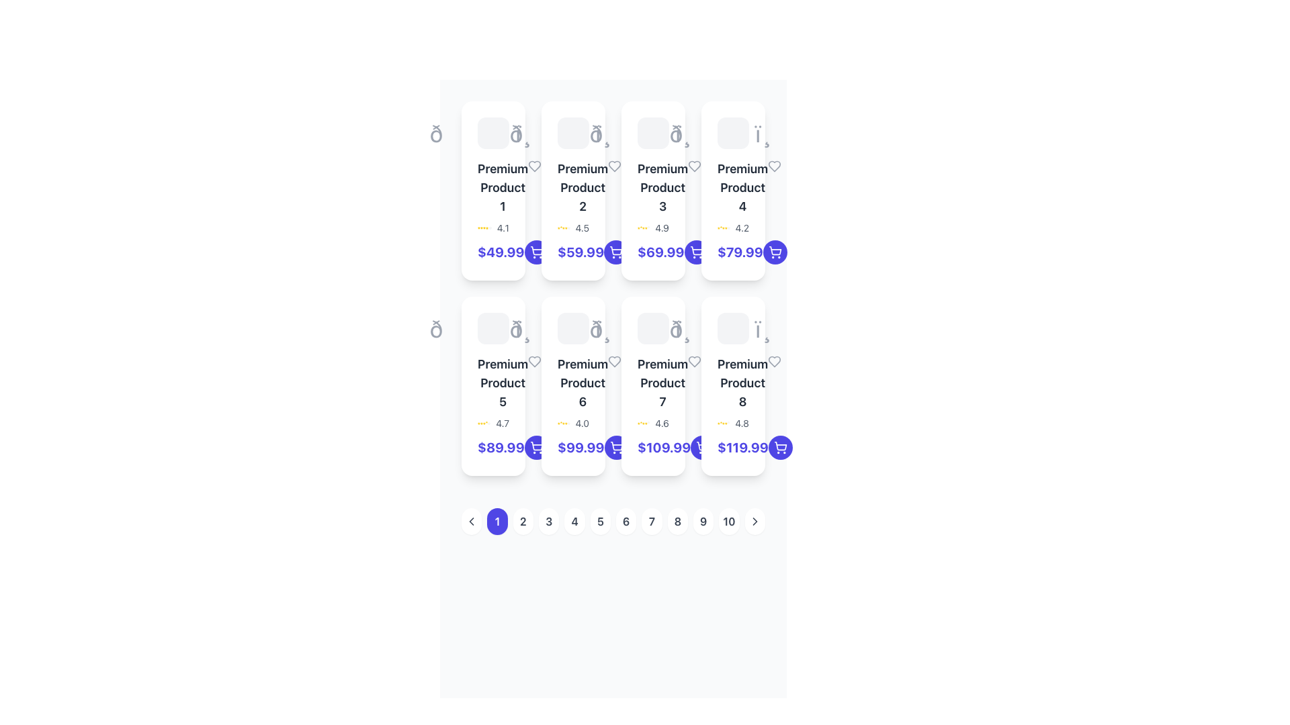  Describe the element at coordinates (695, 165) in the screenshot. I see `the heart icon button located at the top-right corner of the 'Premium Product 3' card` at that location.